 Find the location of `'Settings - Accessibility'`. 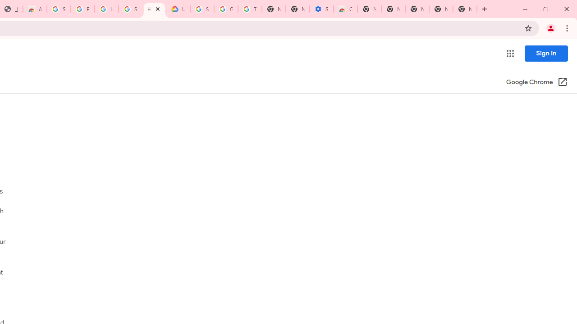

'Settings - Accessibility' is located at coordinates (321, 9).